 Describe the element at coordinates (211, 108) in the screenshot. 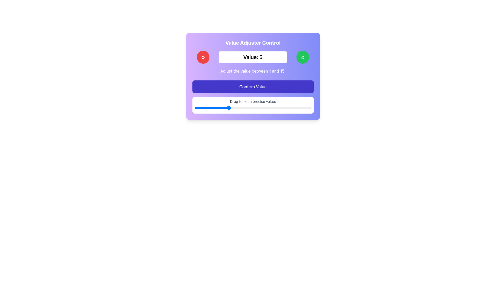

I see `the slider value` at that location.